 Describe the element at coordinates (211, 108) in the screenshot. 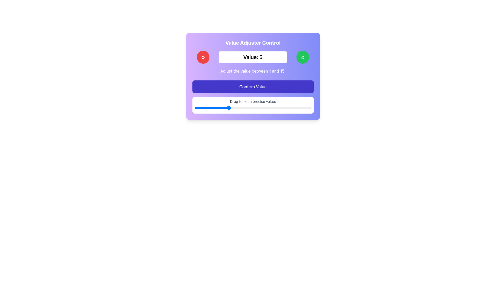

I see `the slider value` at that location.